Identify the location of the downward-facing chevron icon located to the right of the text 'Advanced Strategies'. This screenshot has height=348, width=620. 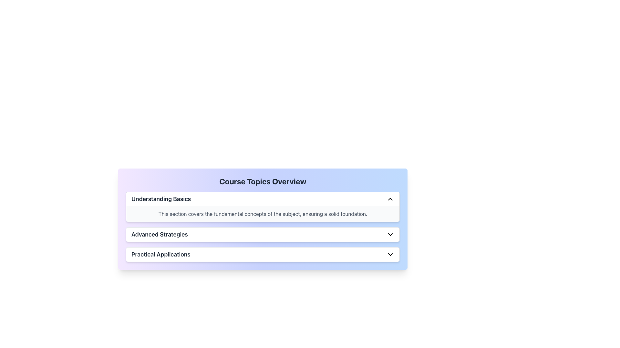
(390, 235).